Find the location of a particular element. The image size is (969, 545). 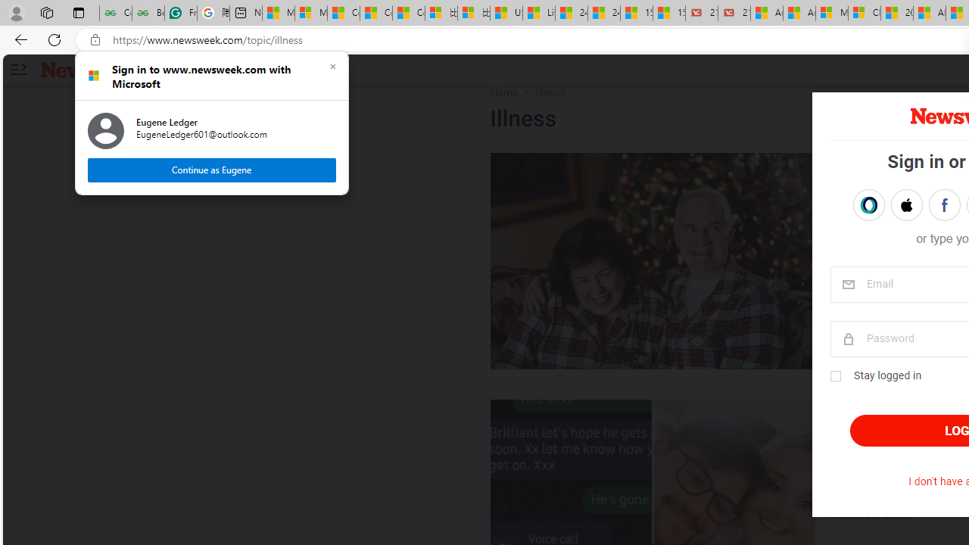

'USA TODAY - MSN' is located at coordinates (506, 13).